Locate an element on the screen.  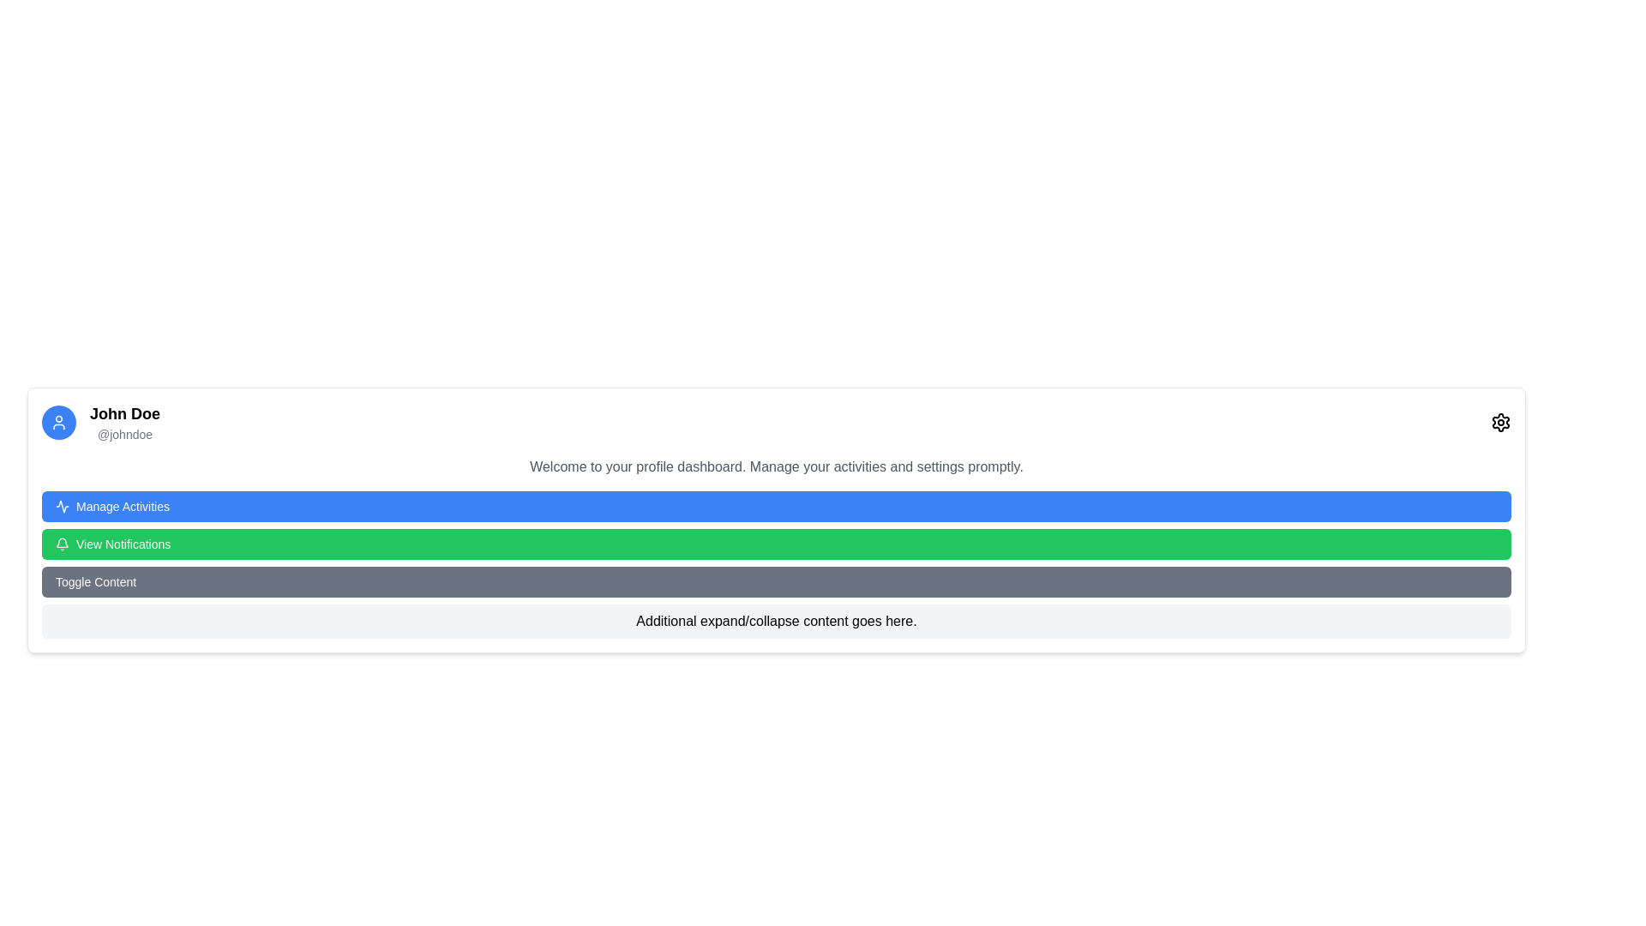
the username or handle text label positioned directly underneath 'John Doe' in the profile section is located at coordinates (123, 433).